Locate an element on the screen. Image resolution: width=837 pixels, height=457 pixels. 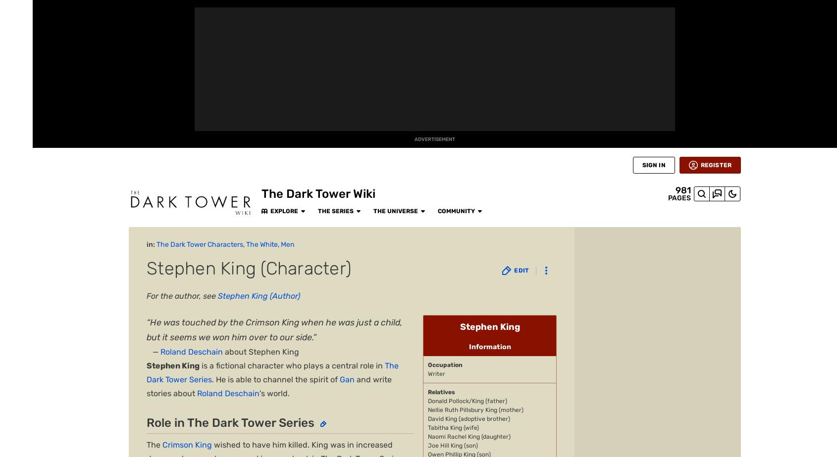
'2' is located at coordinates (164, 295).